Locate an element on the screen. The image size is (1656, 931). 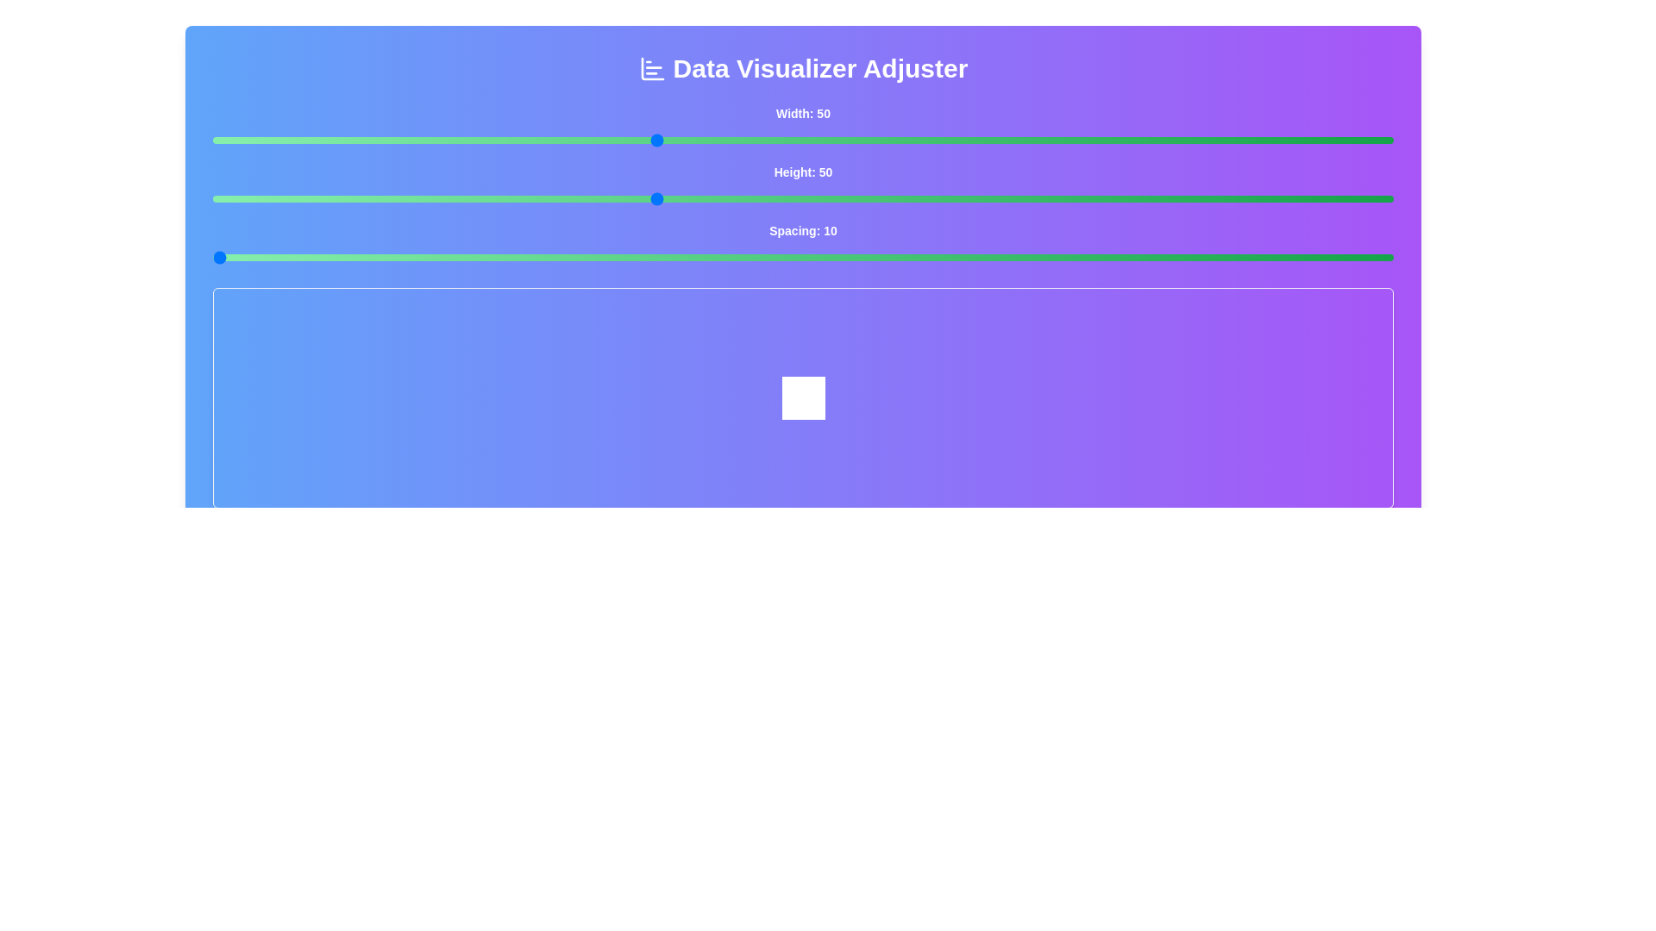
the 'Width' slider to 58 is located at coordinates (773, 139).